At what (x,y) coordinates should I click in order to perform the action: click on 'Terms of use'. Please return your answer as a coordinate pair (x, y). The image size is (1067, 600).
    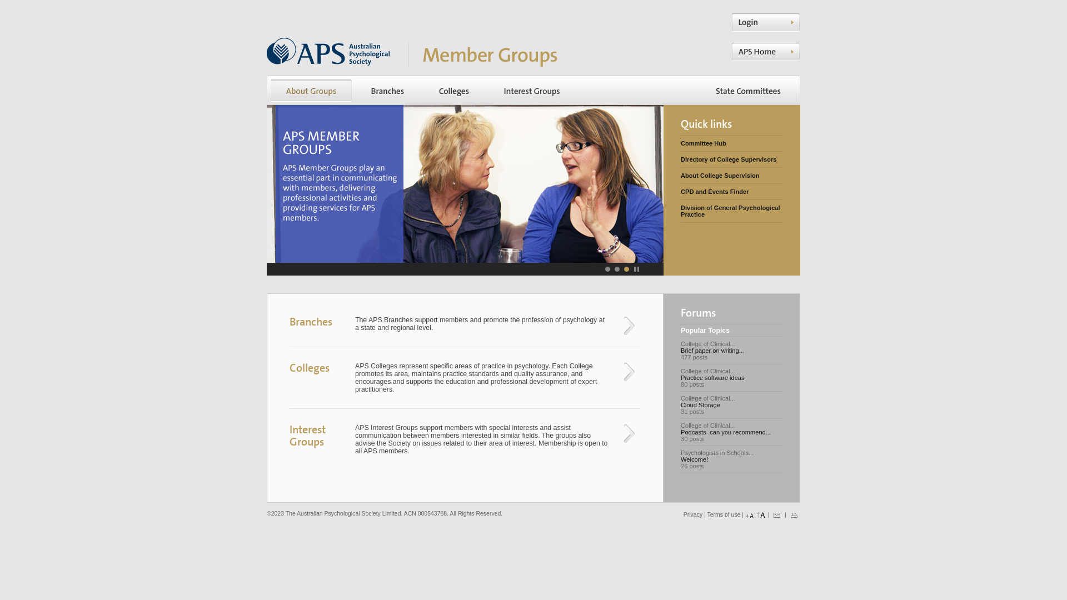
    Looking at the image, I should click on (723, 514).